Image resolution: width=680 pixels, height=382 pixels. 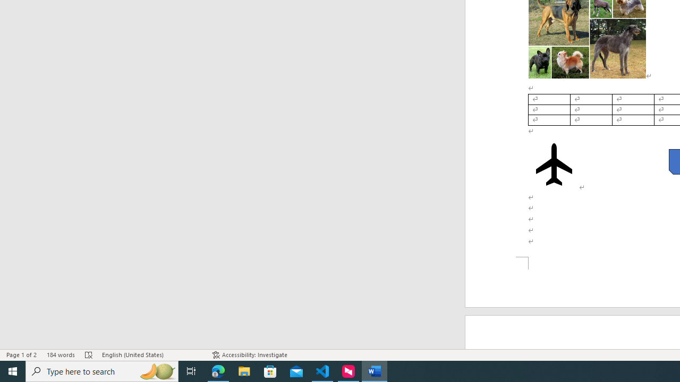 What do you see at coordinates (21, 355) in the screenshot?
I see `'Page Number Page 1 of 2'` at bounding box center [21, 355].